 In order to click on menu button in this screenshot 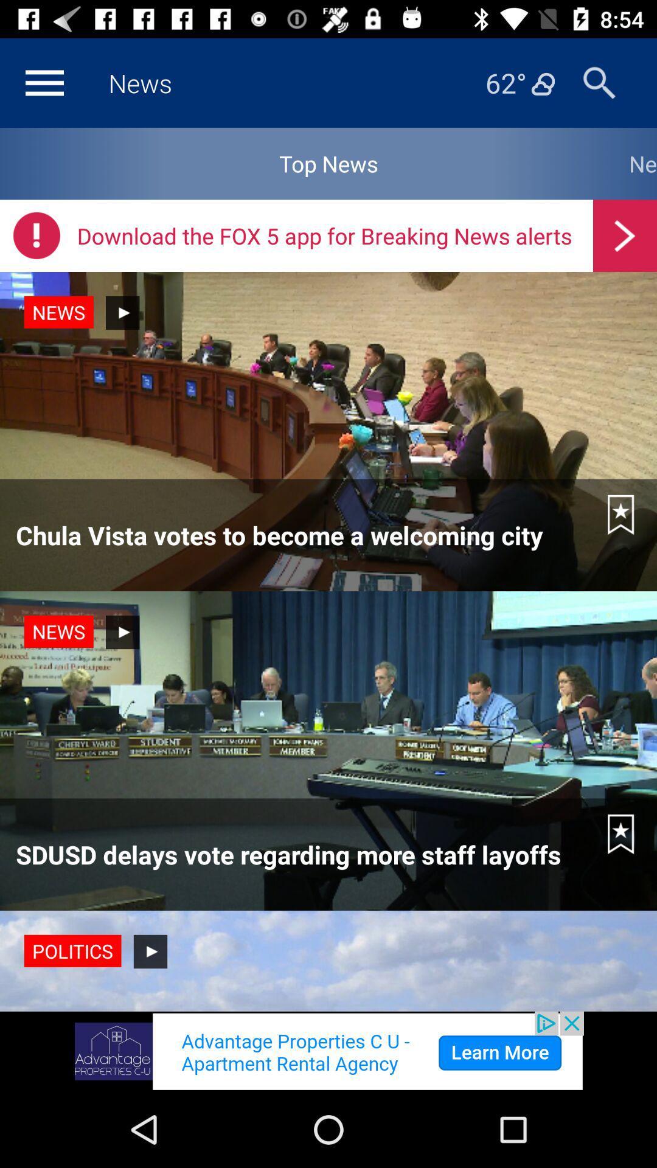, I will do `click(44, 82)`.